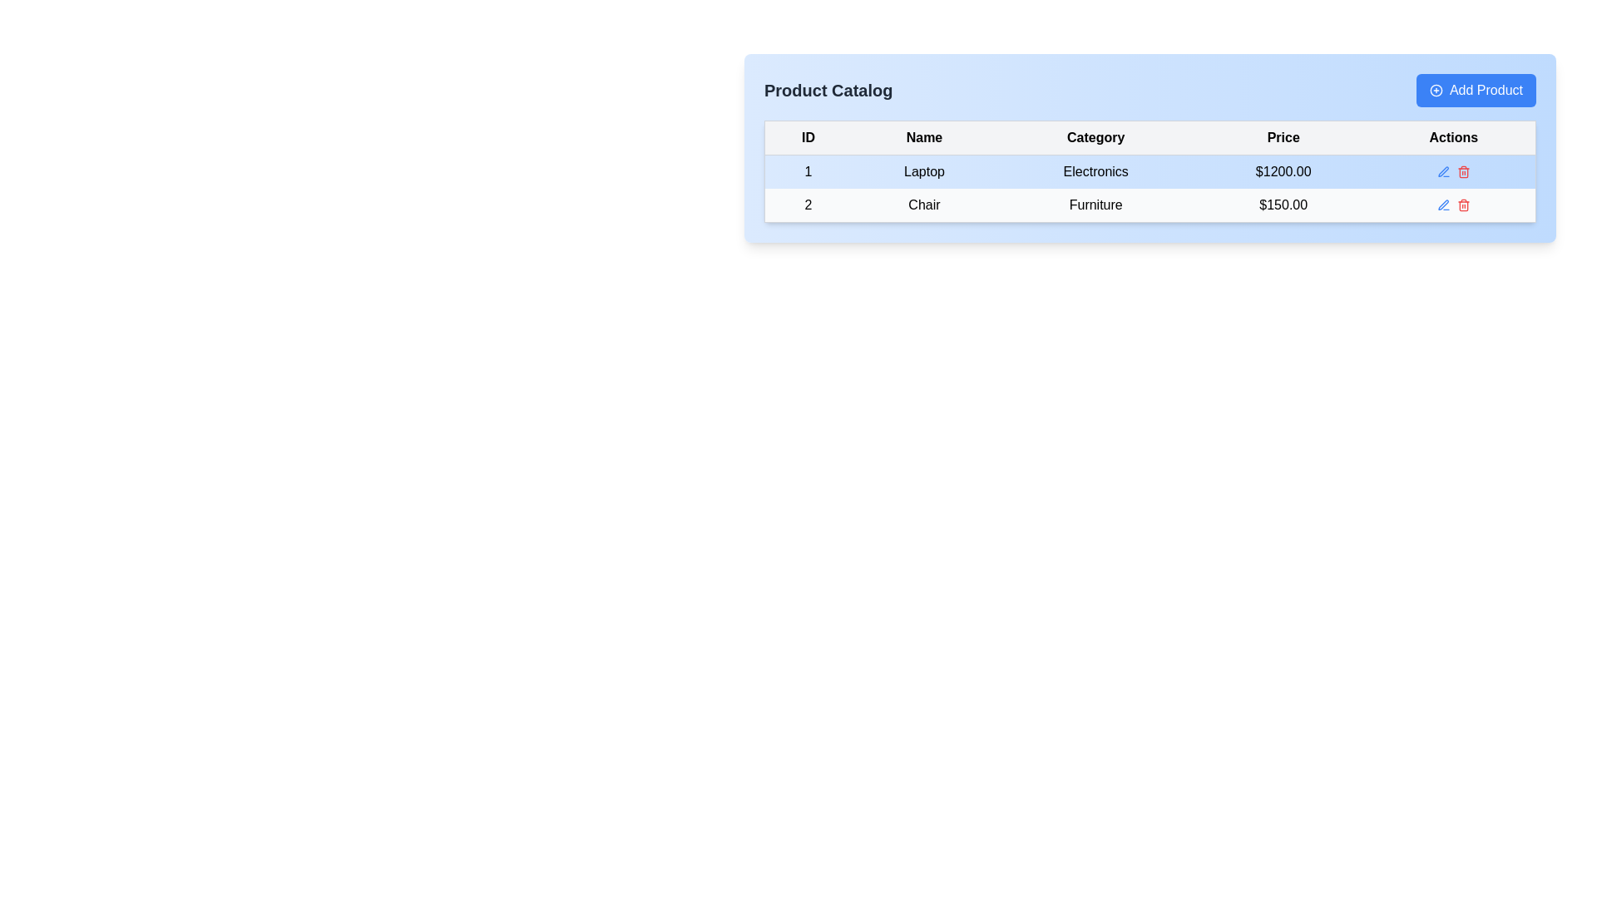  I want to click on the price display field for the 'Chair' item in the product catalog table located in the second row under the 'Price' column, so click(1283, 205).